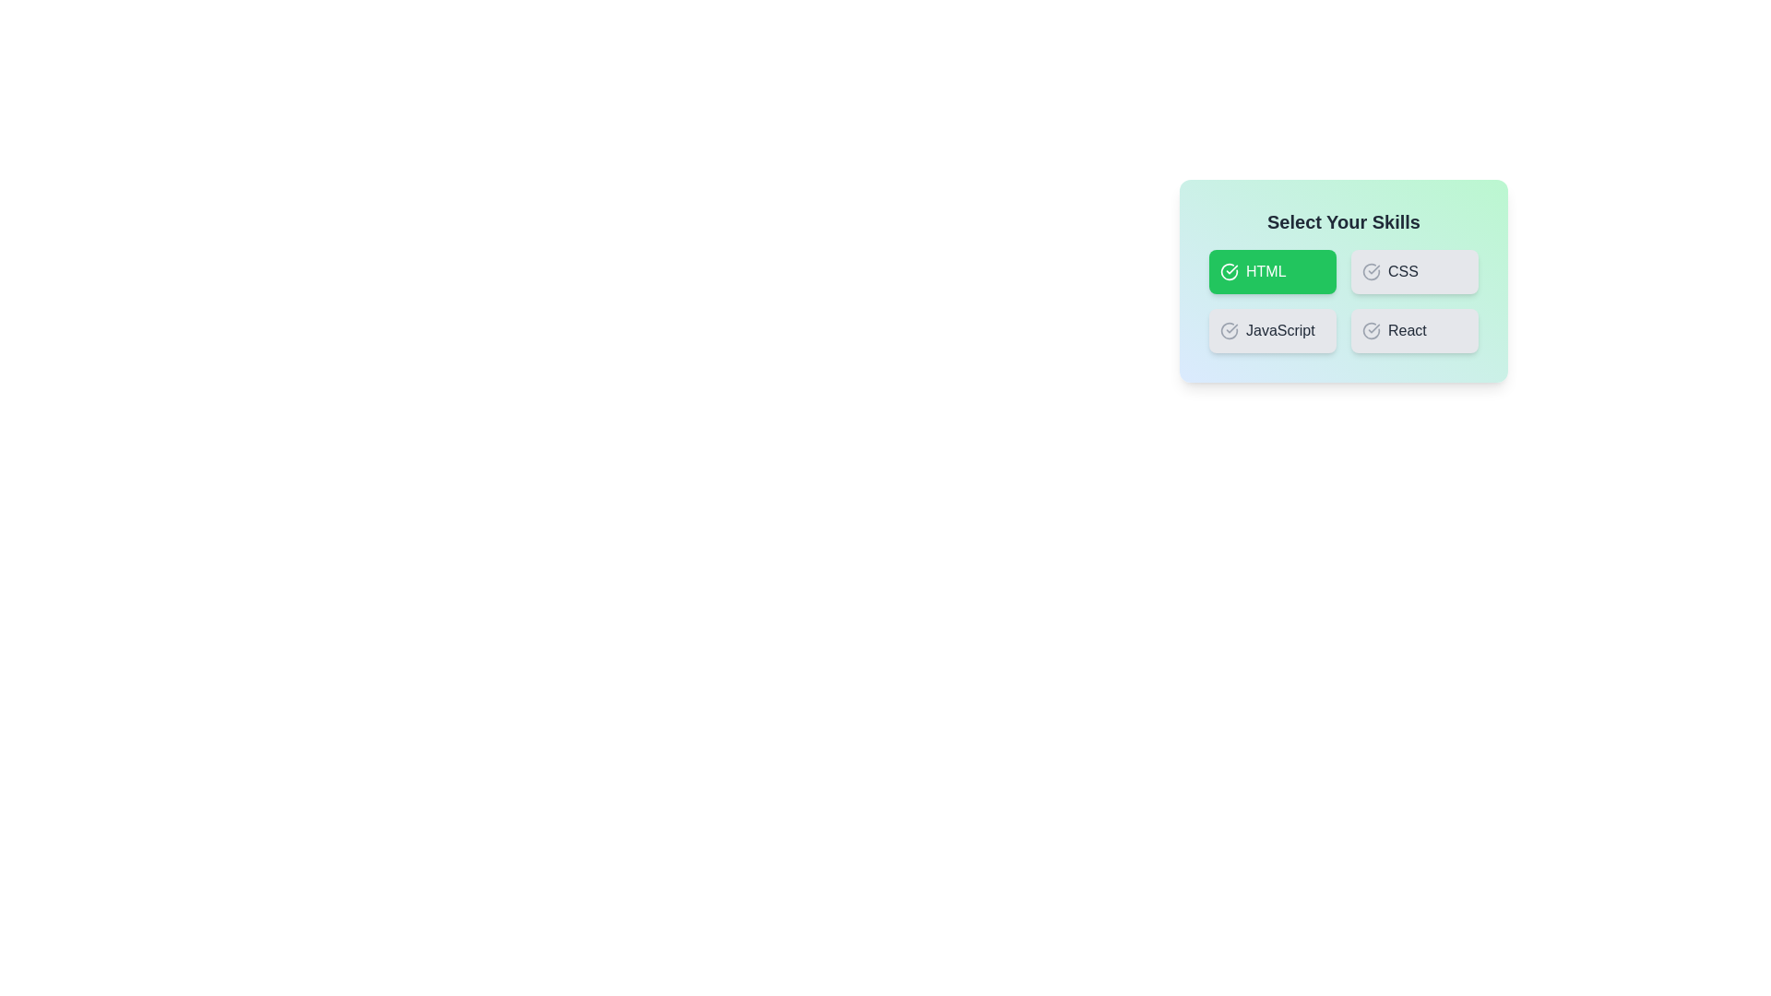 This screenshot has height=996, width=1771. What do you see at coordinates (1272, 271) in the screenshot?
I see `the skill HTML to observe visual feedback` at bounding box center [1272, 271].